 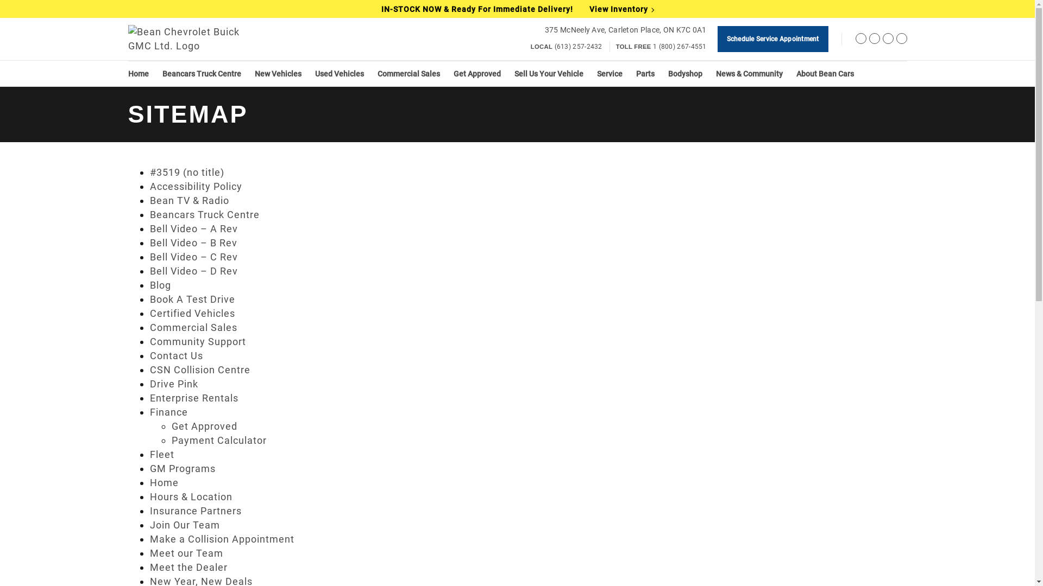 What do you see at coordinates (566, 46) in the screenshot?
I see `'LOCAL (613) 257-2432'` at bounding box center [566, 46].